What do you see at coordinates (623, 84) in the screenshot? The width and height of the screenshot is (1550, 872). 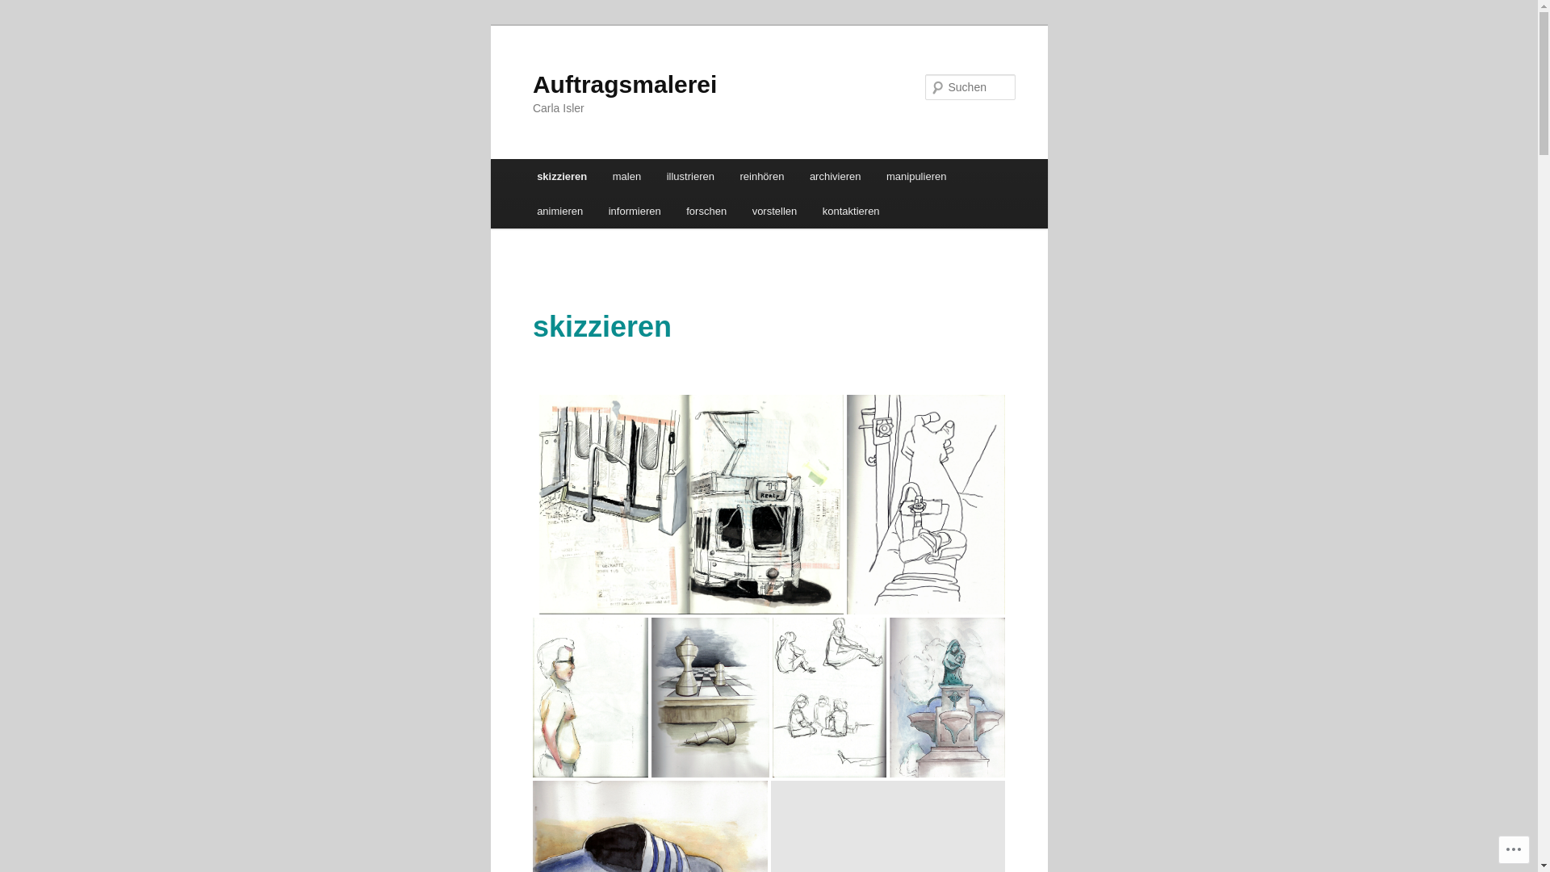 I see `'Auftragsmalerei'` at bounding box center [623, 84].